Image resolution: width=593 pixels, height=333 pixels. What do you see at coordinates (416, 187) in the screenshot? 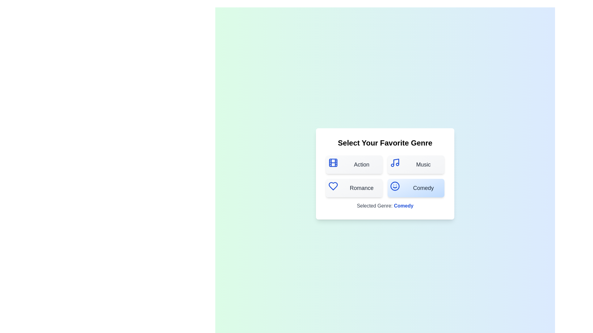
I see `the 'Comedy' button, which is styled with a light blue gradient background, rounded corners, and features a smiling face icon on the left` at bounding box center [416, 187].